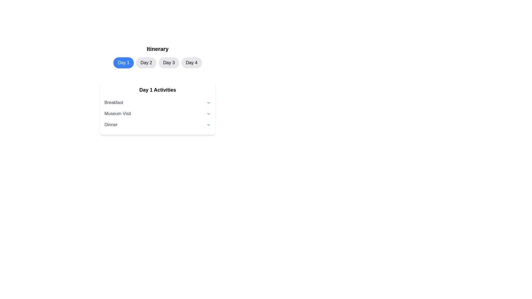 Image resolution: width=532 pixels, height=299 pixels. I want to click on the 'Museum Visit' dropdown-triggering row, so click(157, 114).